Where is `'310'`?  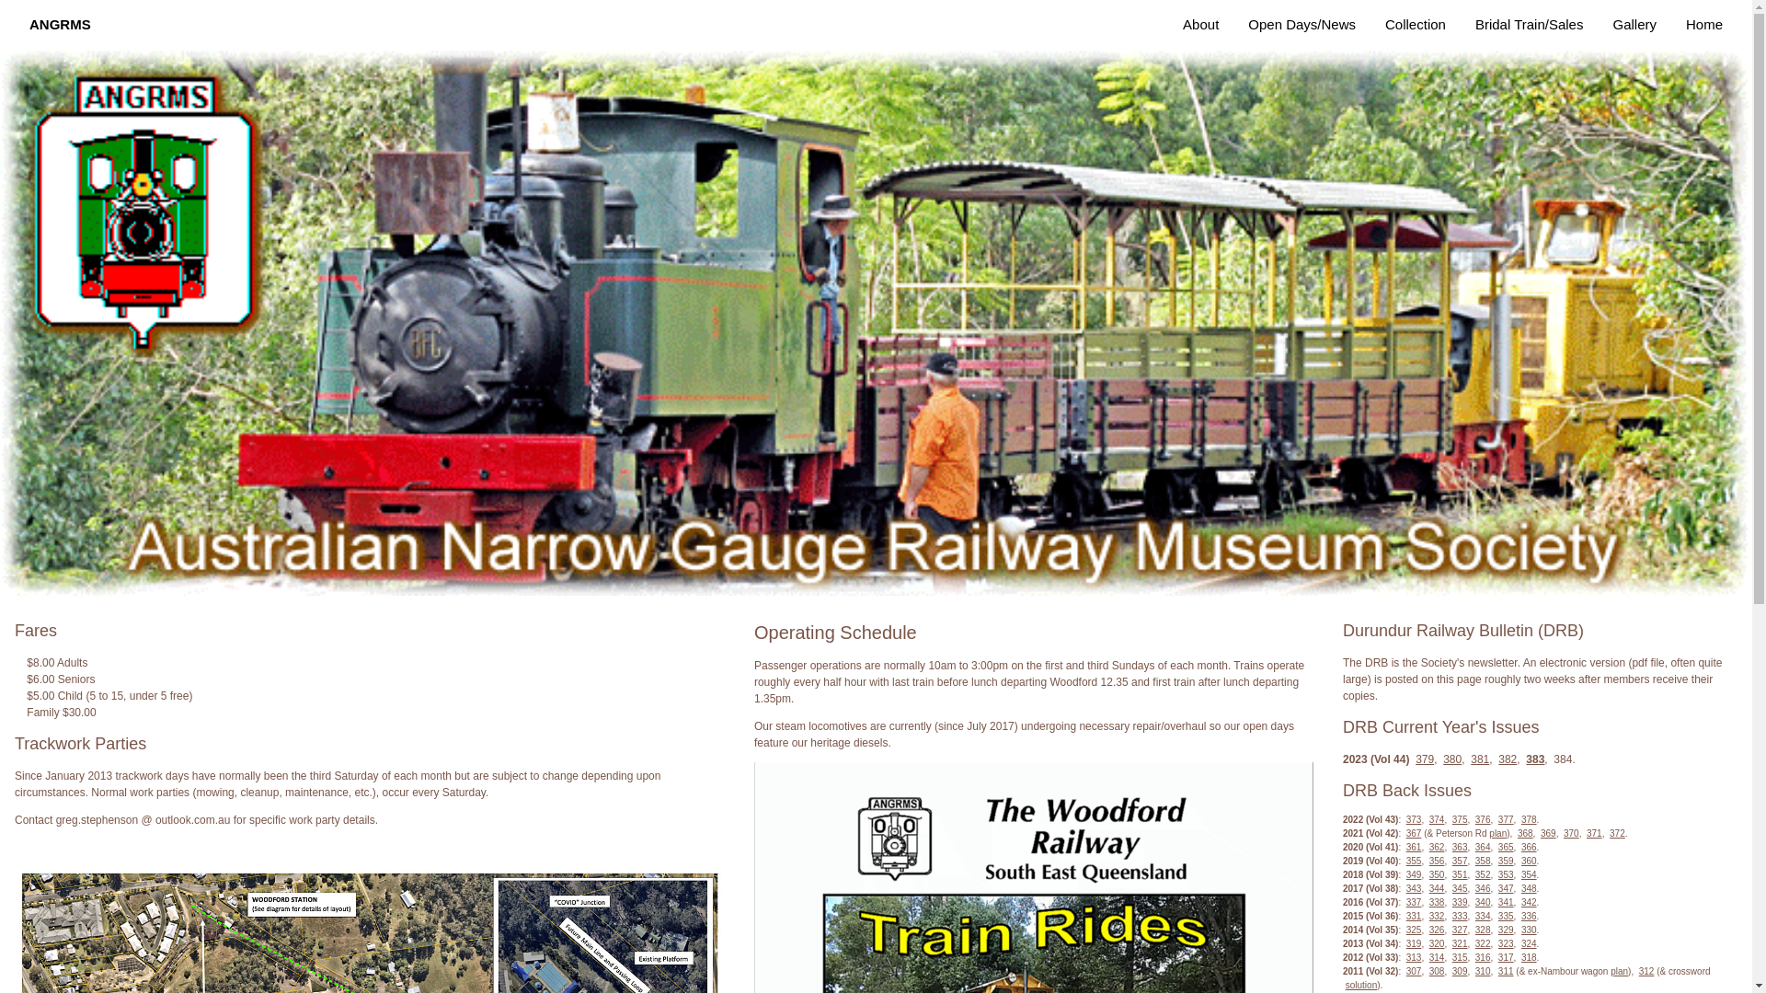
'310' is located at coordinates (1483, 970).